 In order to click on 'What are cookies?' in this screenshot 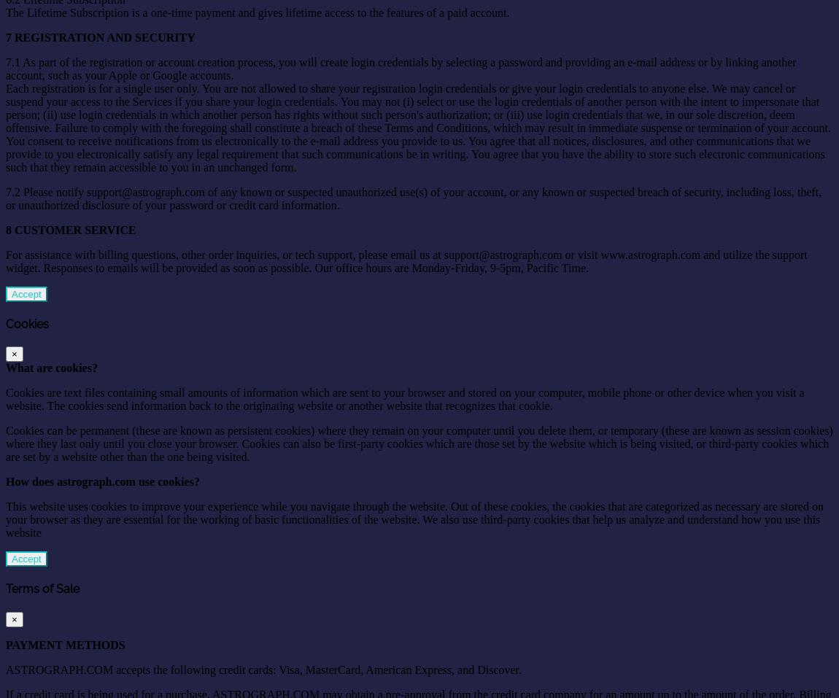, I will do `click(50, 368)`.